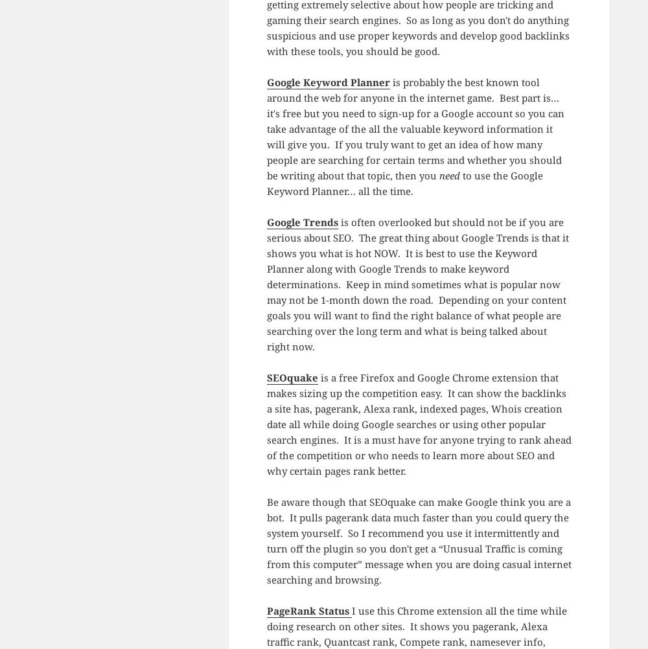  Describe the element at coordinates (291, 377) in the screenshot. I see `'SEOquake'` at that location.